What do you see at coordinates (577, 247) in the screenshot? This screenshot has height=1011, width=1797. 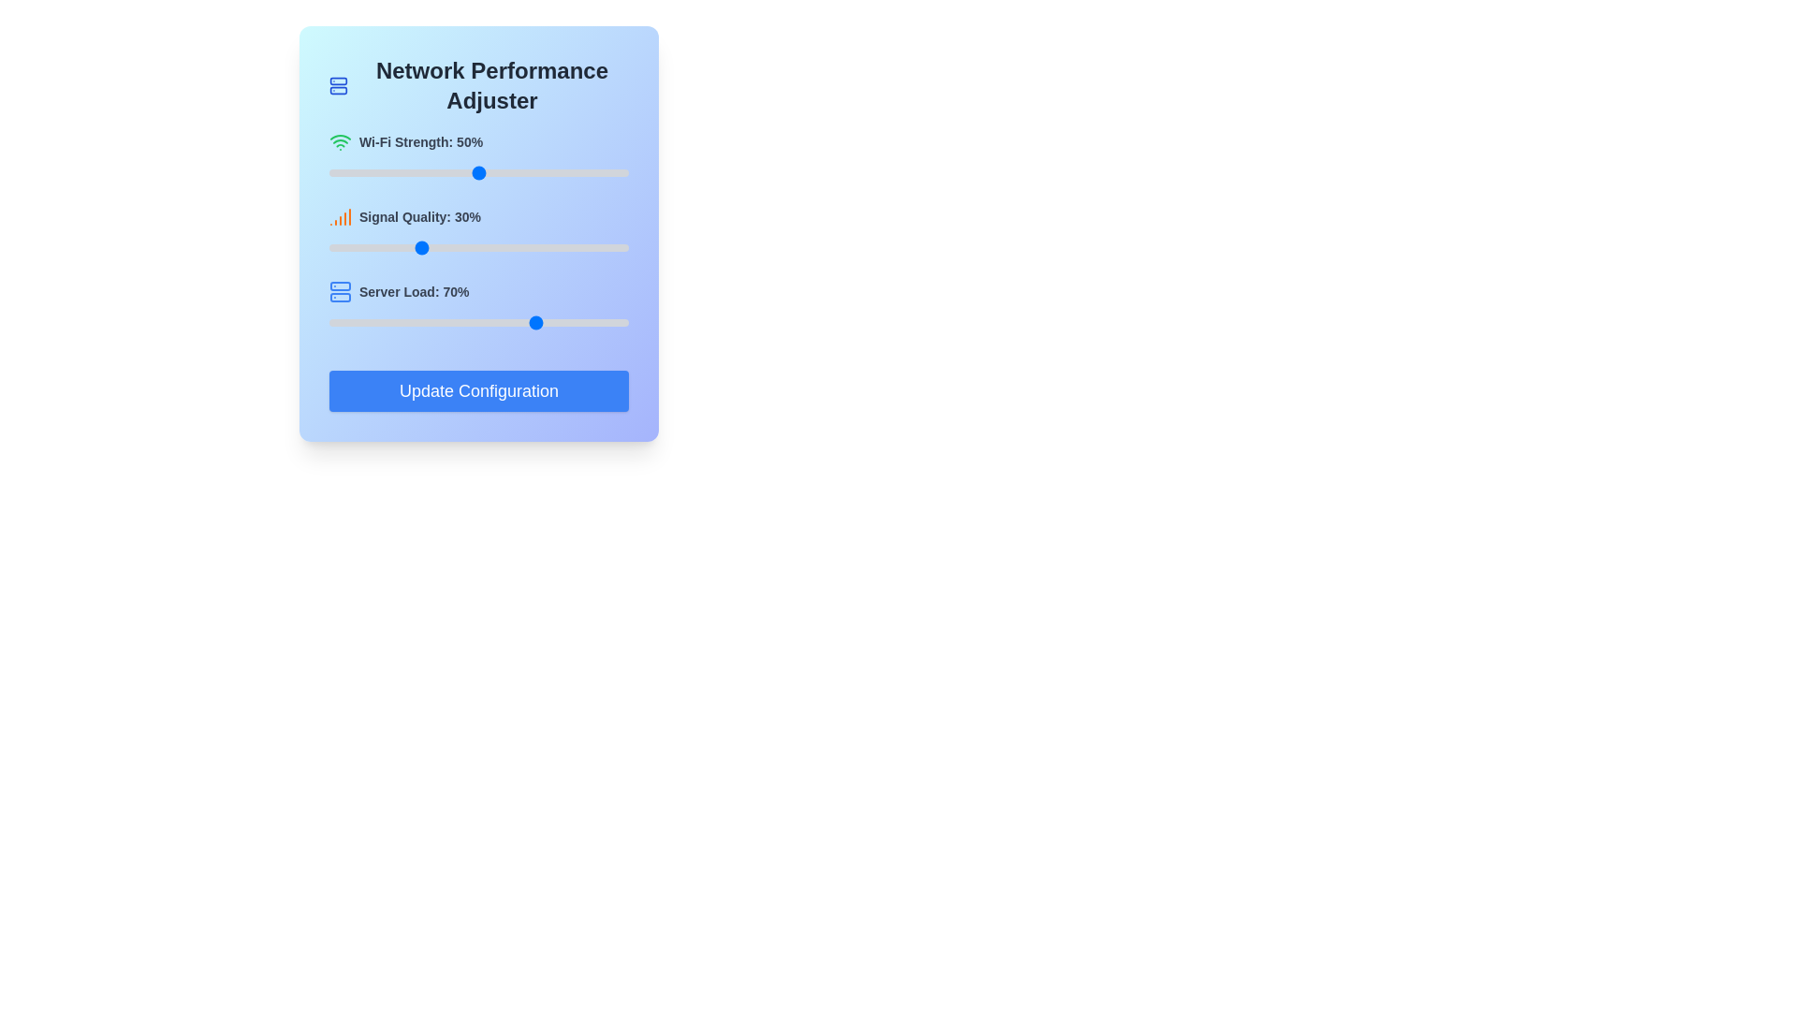 I see `signal quality` at bounding box center [577, 247].